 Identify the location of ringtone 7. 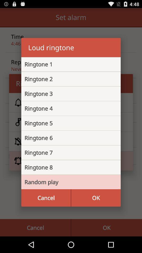
(67, 153).